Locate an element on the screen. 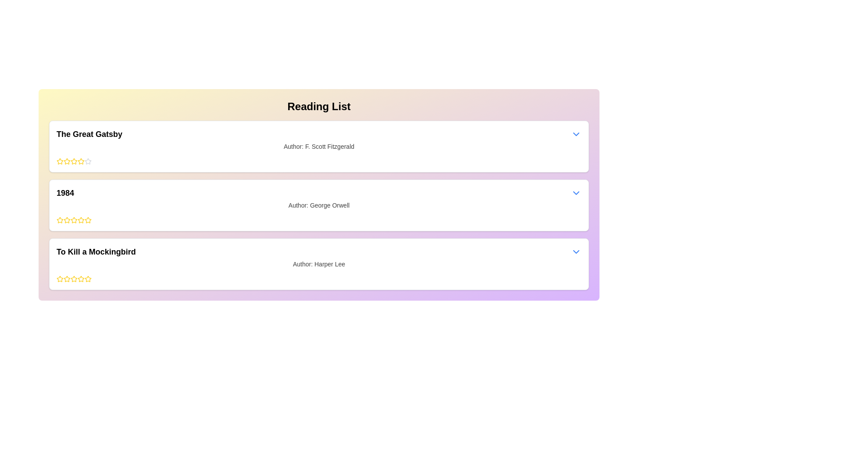 This screenshot has height=474, width=842. text content of the textual header that serves as the title for the reading list, located at the top of the component is located at coordinates (318, 106).